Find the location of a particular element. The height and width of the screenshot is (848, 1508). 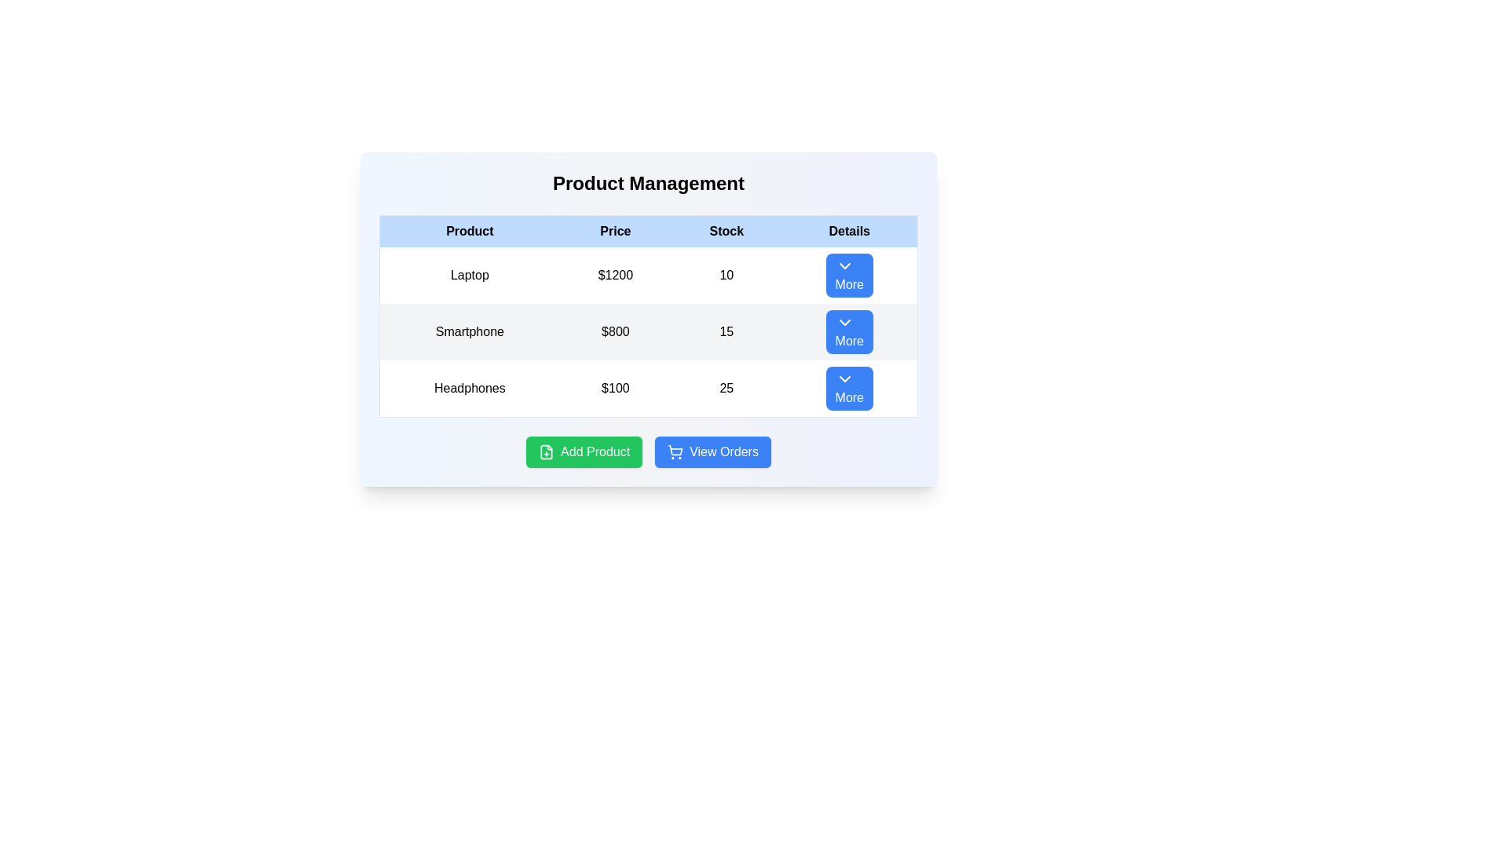

the text label 'Product Management' which is styled with bold typography and located at the top of the content card, centered above the data table is located at coordinates (648, 183).